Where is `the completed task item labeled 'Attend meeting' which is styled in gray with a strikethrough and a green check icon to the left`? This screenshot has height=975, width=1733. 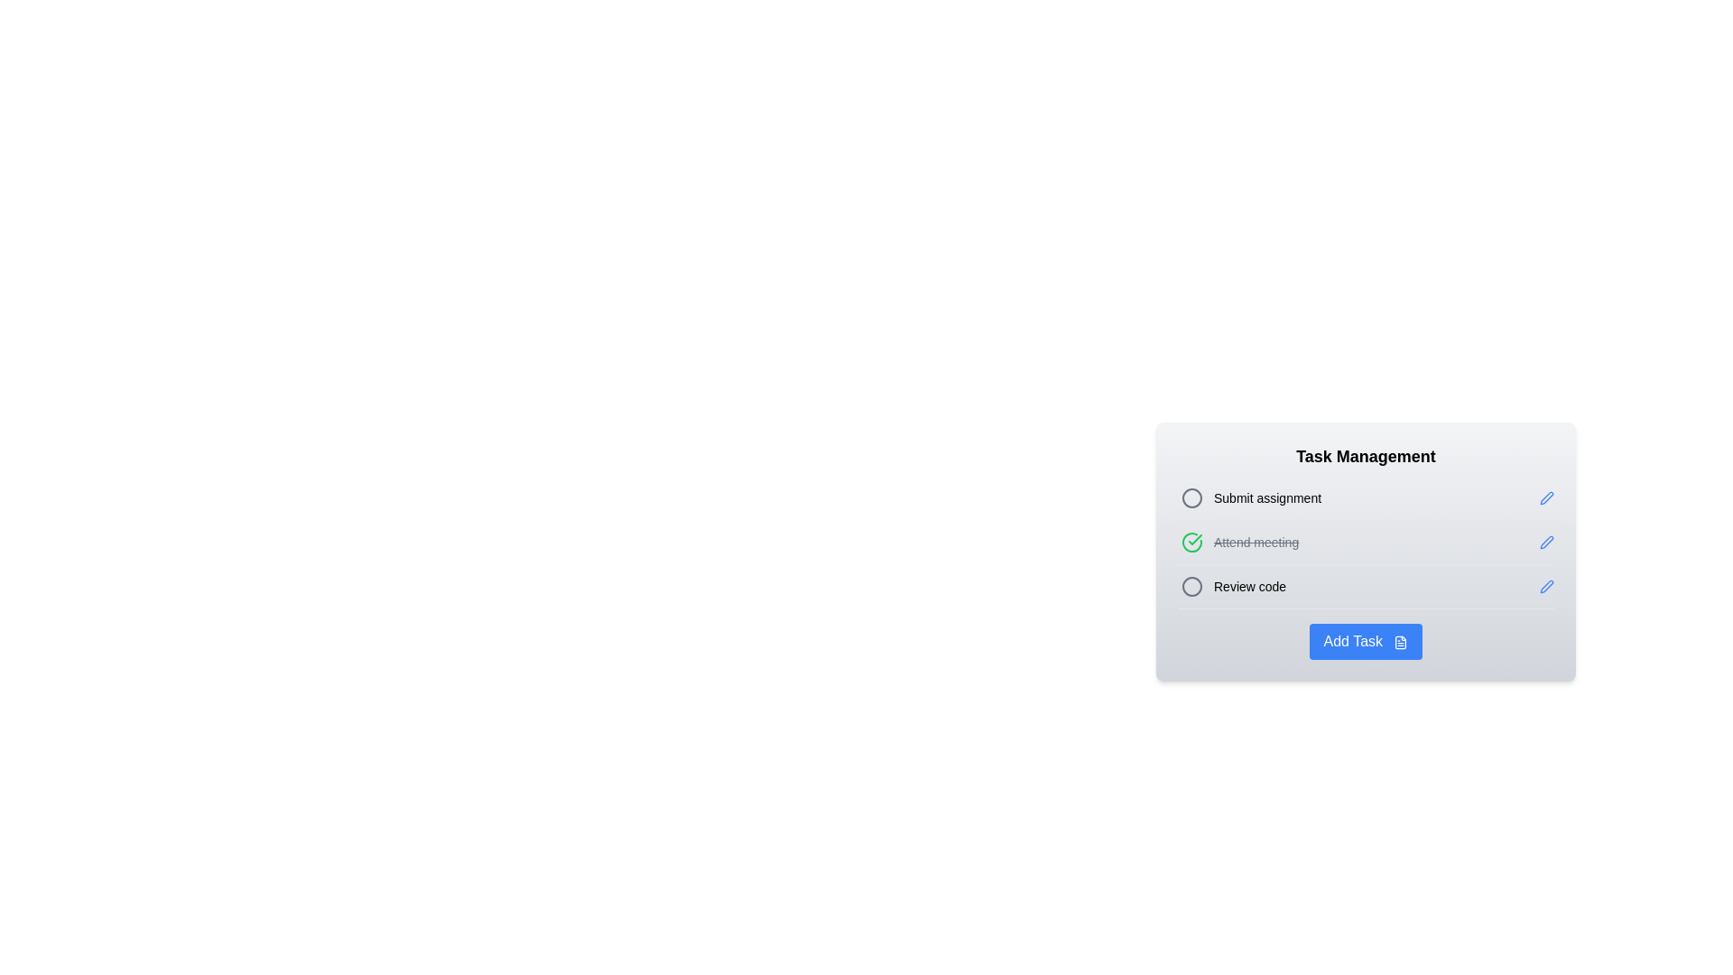
the completed task item labeled 'Attend meeting' which is styled in gray with a strikethrough and a green check icon to the left is located at coordinates (1237, 542).